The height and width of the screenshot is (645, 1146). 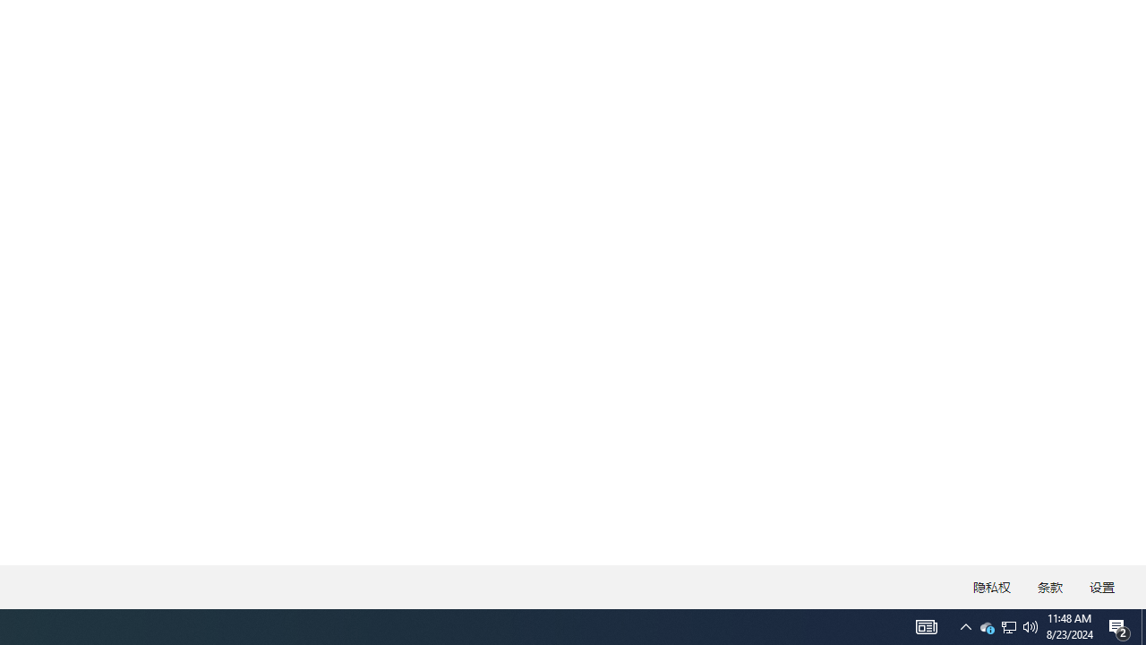 I want to click on 'AutomationID: 4105', so click(x=926, y=625).